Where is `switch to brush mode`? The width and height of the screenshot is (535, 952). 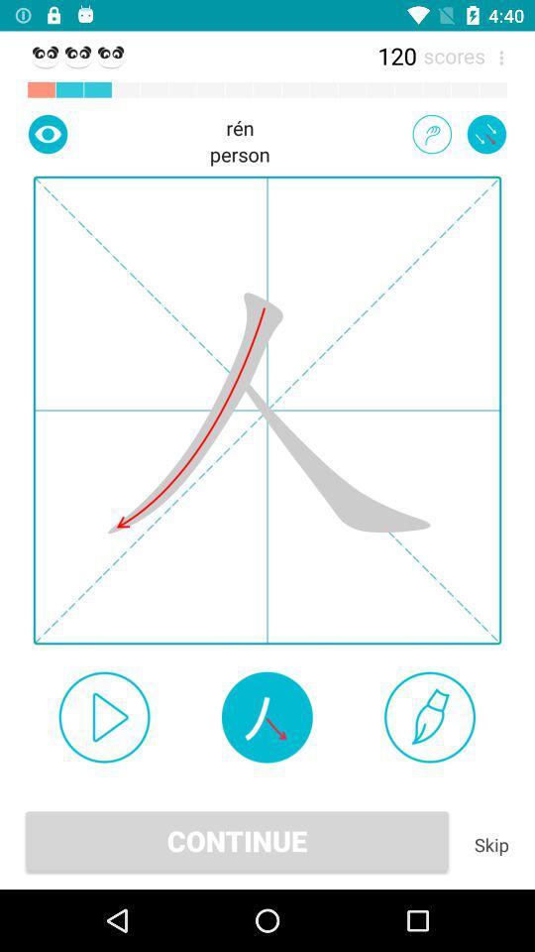 switch to brush mode is located at coordinates (429, 716).